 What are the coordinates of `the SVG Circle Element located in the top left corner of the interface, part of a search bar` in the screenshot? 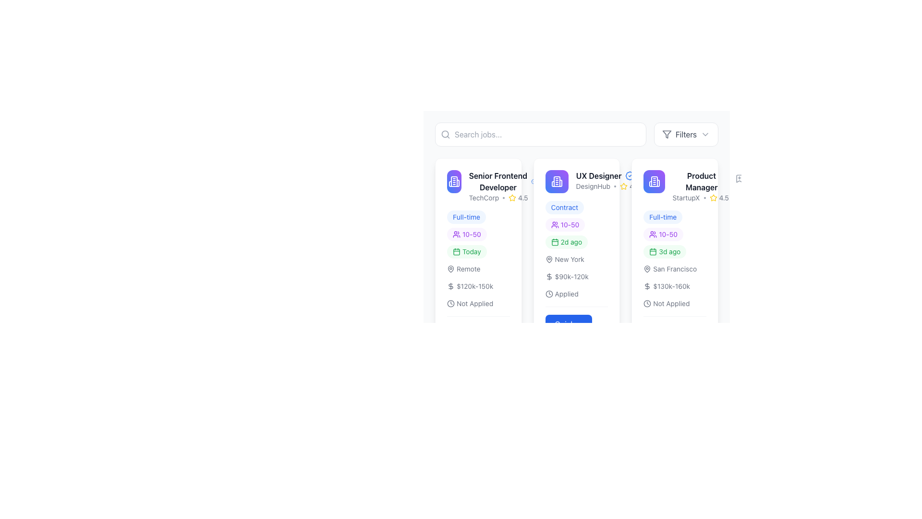 It's located at (445, 134).